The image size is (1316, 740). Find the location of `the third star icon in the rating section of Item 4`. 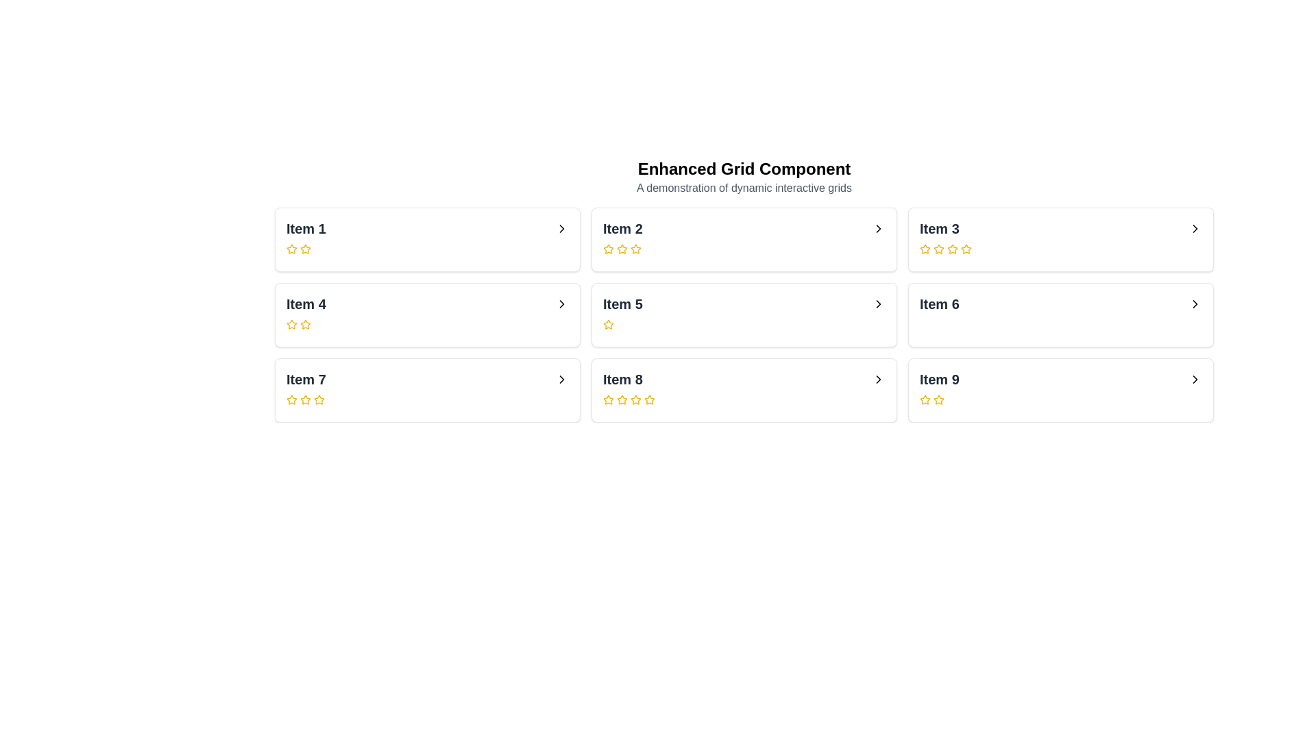

the third star icon in the rating section of Item 4 is located at coordinates (305, 325).